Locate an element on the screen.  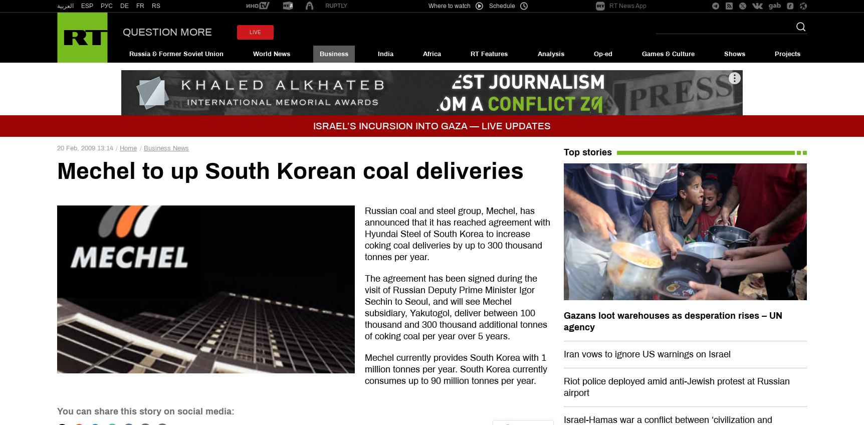
'Top stories' is located at coordinates (587, 152).